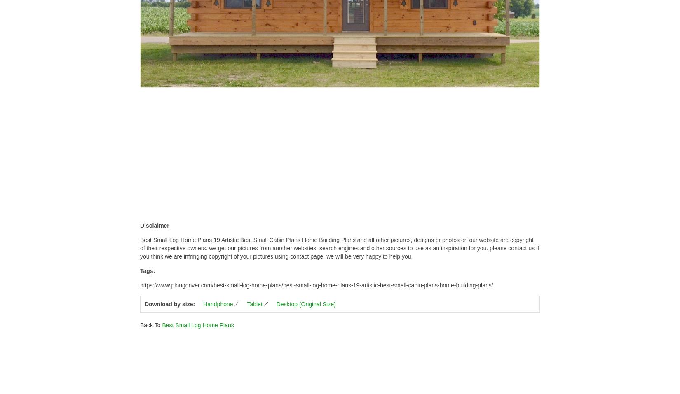 Image resolution: width=680 pixels, height=394 pixels. What do you see at coordinates (254, 304) in the screenshot?
I see `'Tablet'` at bounding box center [254, 304].